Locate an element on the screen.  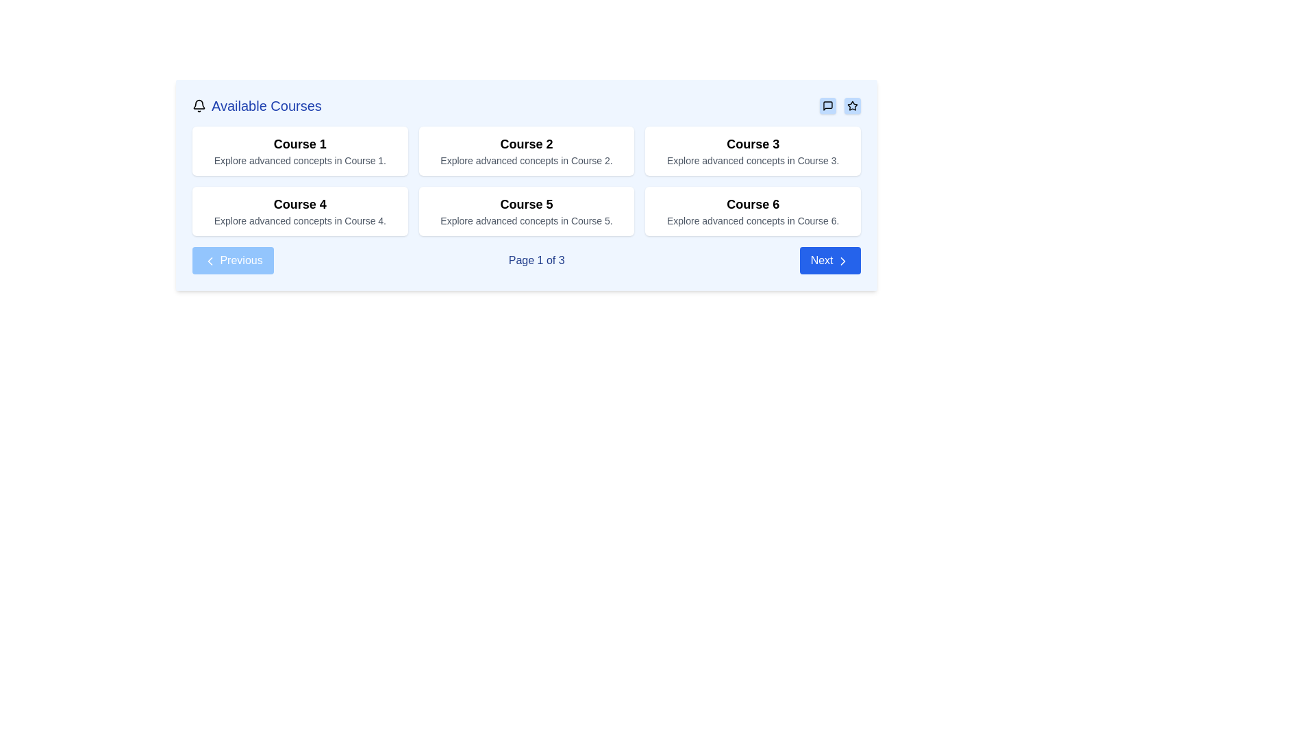
the heading text element that identifies the specific course, located in the second row, first column of the grid is located at coordinates (525, 205).